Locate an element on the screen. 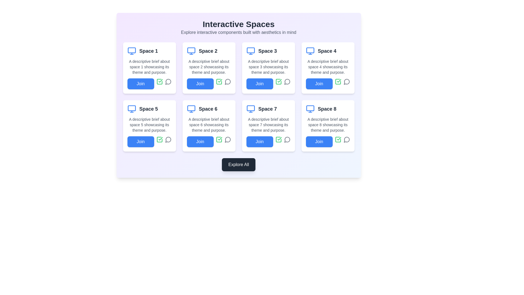 The width and height of the screenshot is (524, 295). the decorative graphic element that represents a monitor in the card labeled 'Space 5', which is styled to match the application's visual theme is located at coordinates (132, 108).